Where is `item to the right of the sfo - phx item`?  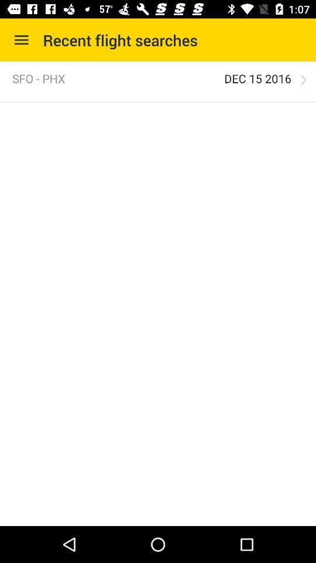 item to the right of the sfo - phx item is located at coordinates (257, 78).